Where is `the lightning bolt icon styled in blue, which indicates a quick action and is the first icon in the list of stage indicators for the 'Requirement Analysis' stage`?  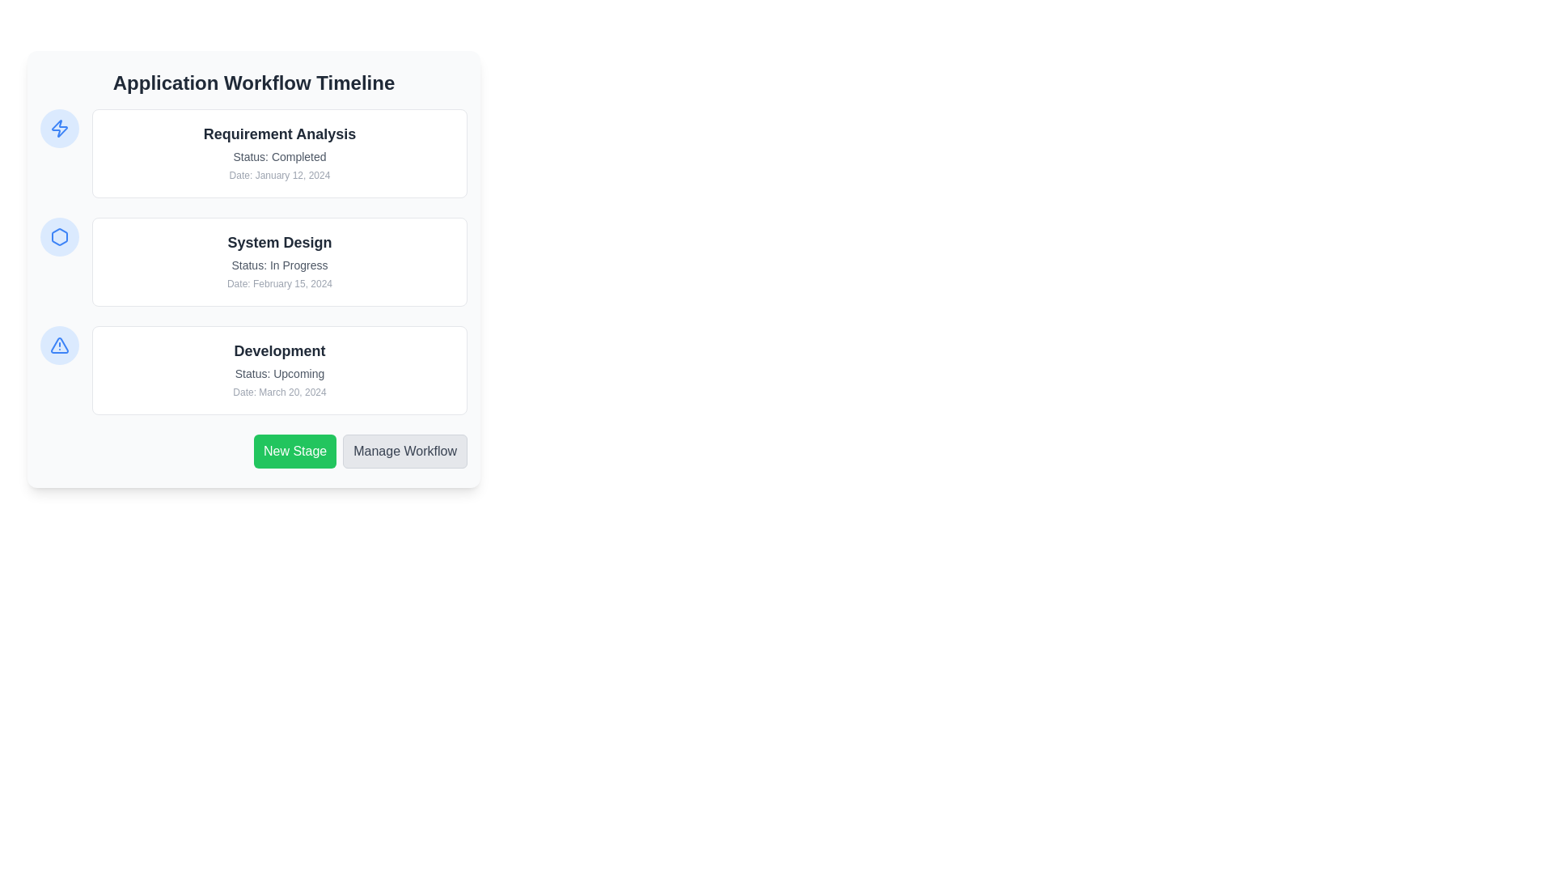
the lightning bolt icon styled in blue, which indicates a quick action and is the first icon in the list of stage indicators for the 'Requirement Analysis' stage is located at coordinates (59, 127).